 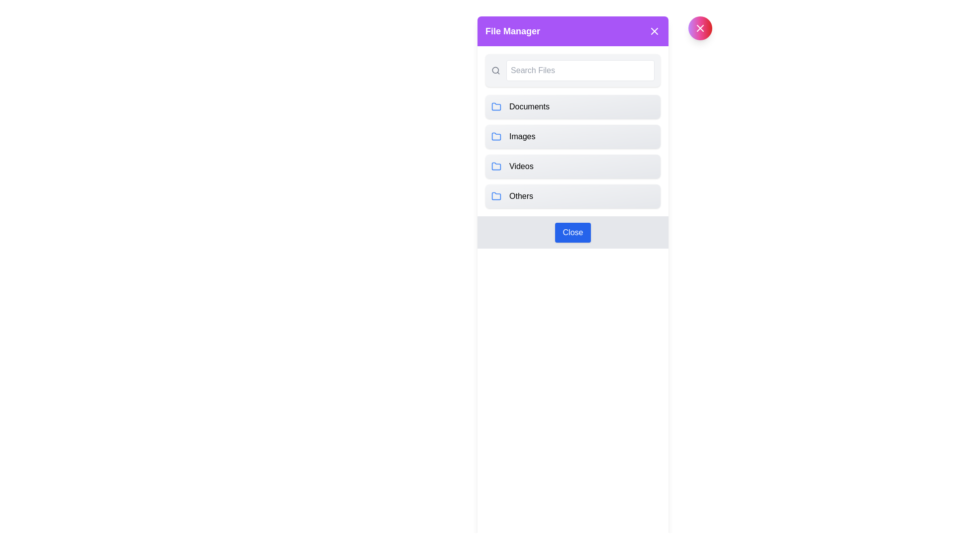 What do you see at coordinates (573, 130) in the screenshot?
I see `a row in the List component` at bounding box center [573, 130].